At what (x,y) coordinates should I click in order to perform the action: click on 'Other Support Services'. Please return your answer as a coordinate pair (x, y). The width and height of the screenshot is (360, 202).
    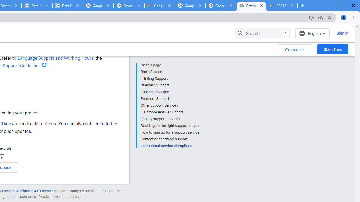
    Looking at the image, I should click on (170, 105).